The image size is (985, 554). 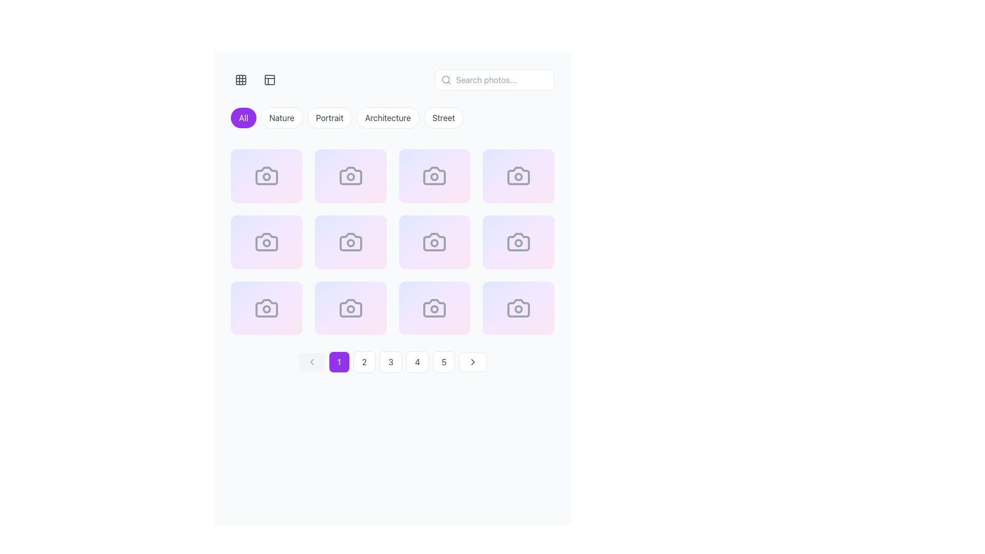 What do you see at coordinates (472, 362) in the screenshot?
I see `the 'Next' button located at the far-right of the pagination bar, adjacent to the button labeled '5'` at bounding box center [472, 362].